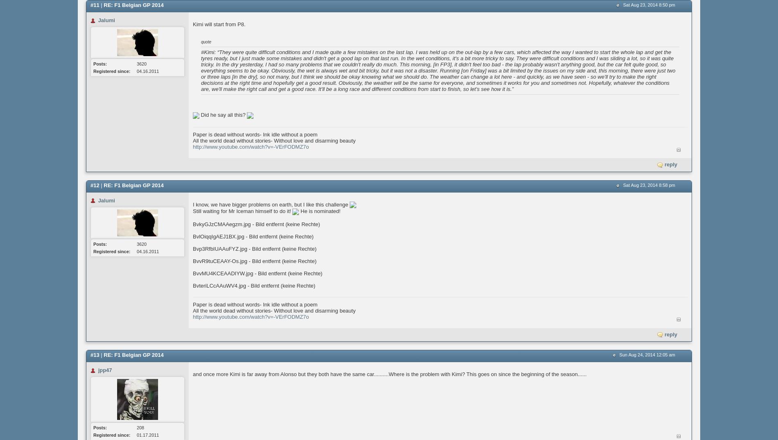 This screenshot has height=440, width=778. I want to click on 'Sat Aug 23, 2014 8:58 pm', so click(649, 184).